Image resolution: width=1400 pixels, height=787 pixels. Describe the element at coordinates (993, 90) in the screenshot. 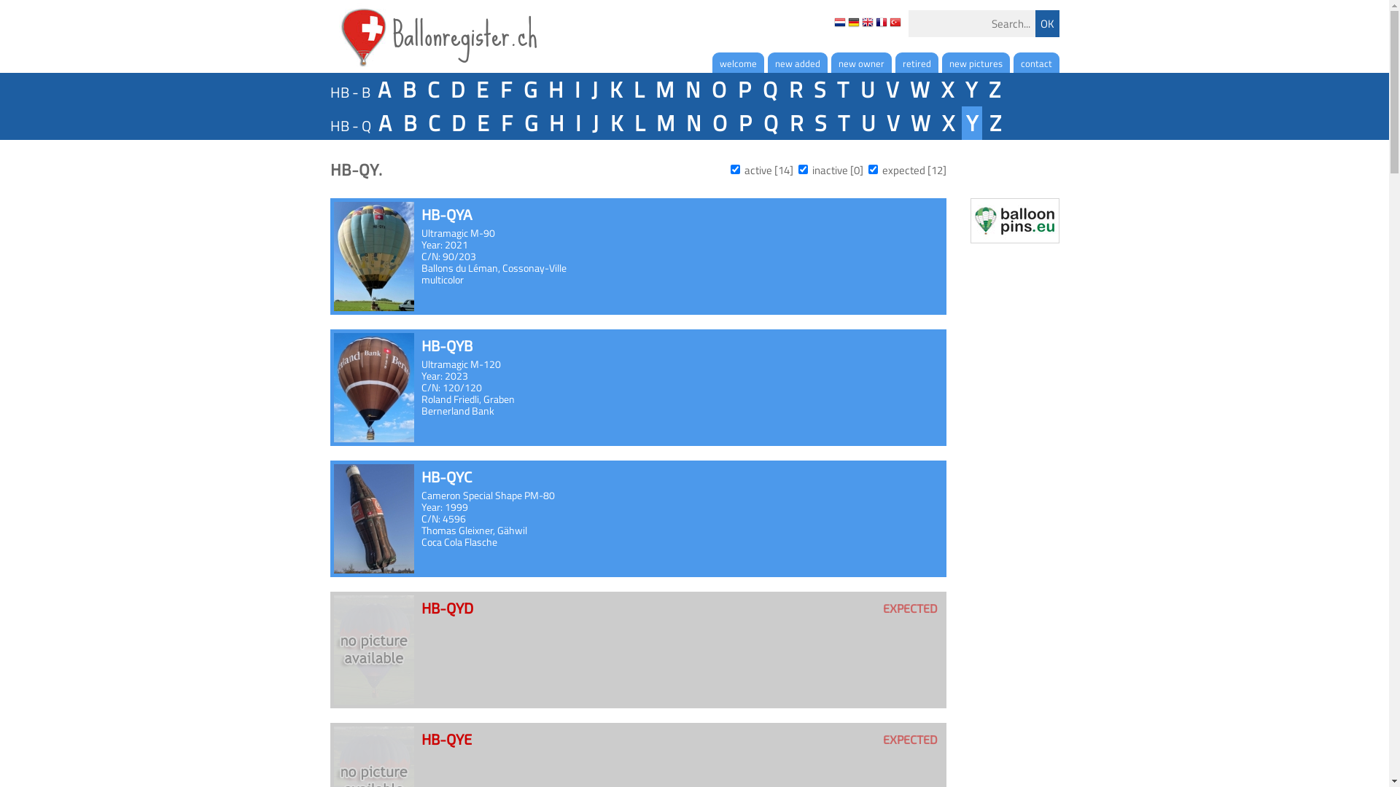

I see `'Z'` at that location.